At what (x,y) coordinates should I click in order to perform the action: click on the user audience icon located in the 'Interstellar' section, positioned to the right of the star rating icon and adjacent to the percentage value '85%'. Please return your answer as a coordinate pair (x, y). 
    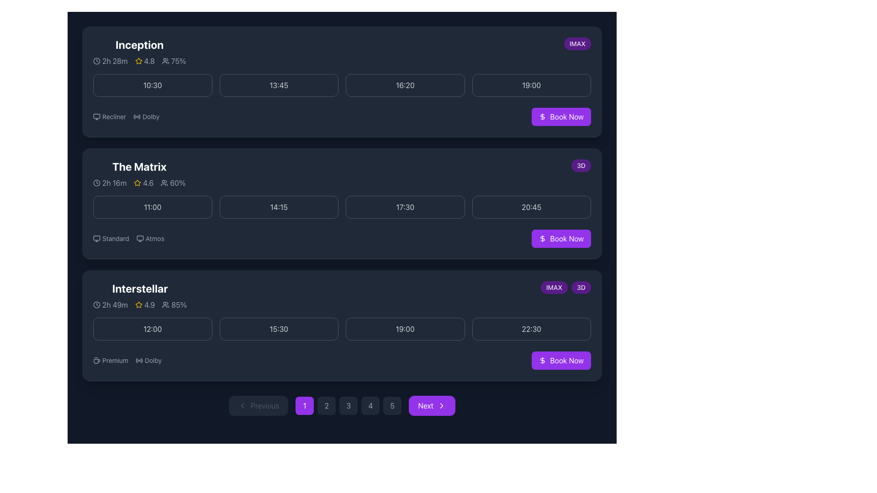
    Looking at the image, I should click on (166, 304).